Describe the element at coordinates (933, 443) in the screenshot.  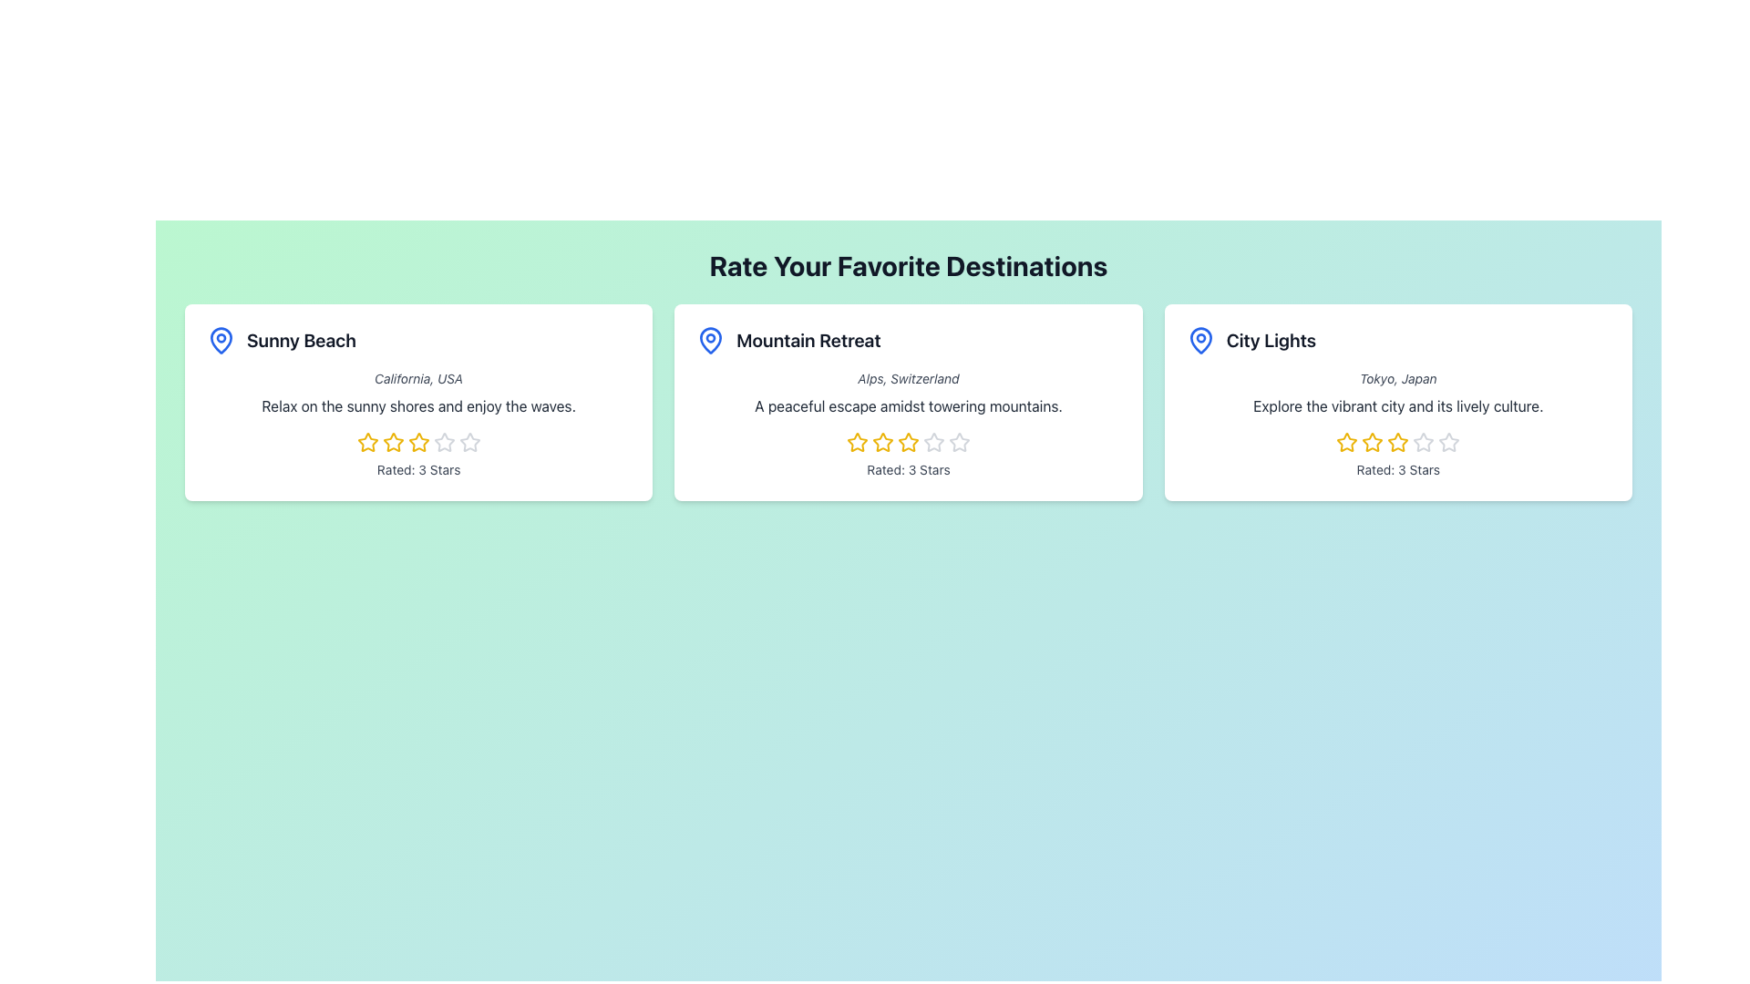
I see `the fourth star icon in the rating system for the 'Mountain Retreat' destination to interact with the rating mechanism` at that location.